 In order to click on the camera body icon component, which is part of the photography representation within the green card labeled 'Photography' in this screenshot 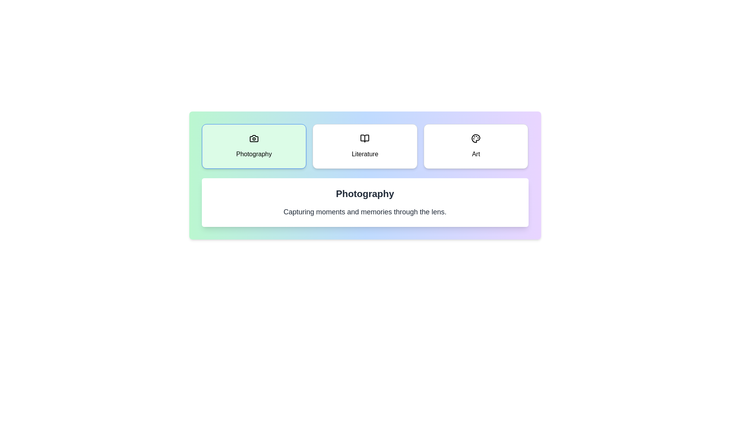, I will do `click(254, 138)`.